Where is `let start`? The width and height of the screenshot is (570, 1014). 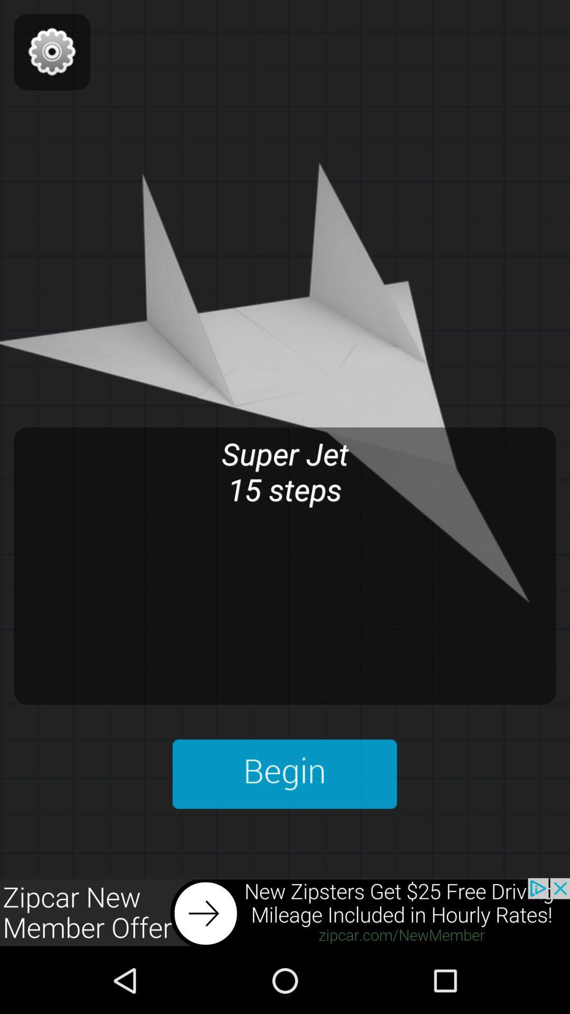 let start is located at coordinates (284, 774).